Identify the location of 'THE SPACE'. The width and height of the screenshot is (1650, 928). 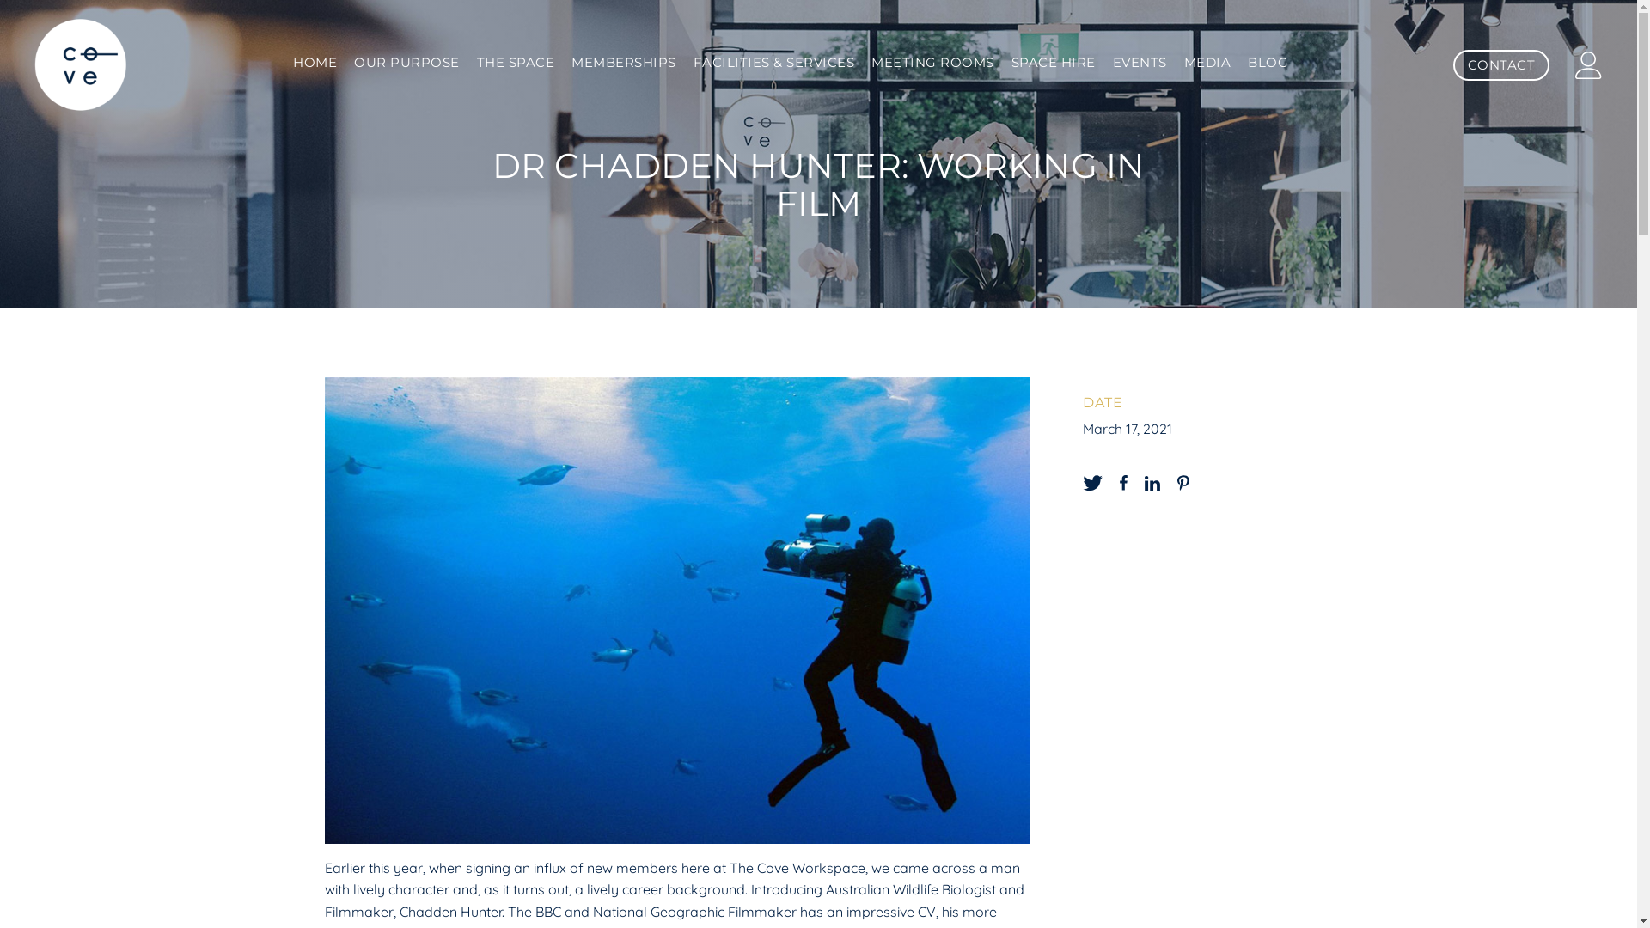
(515, 62).